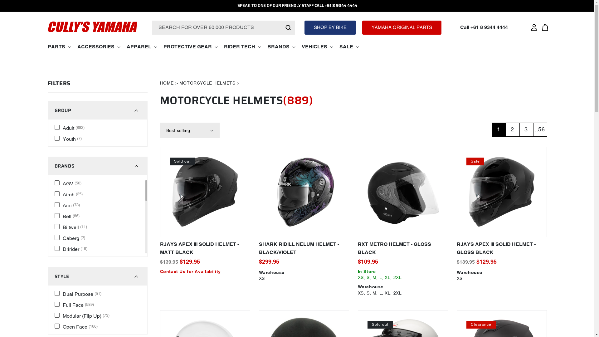 This screenshot has width=599, height=337. Describe the element at coordinates (525, 129) in the screenshot. I see `'3'` at that location.